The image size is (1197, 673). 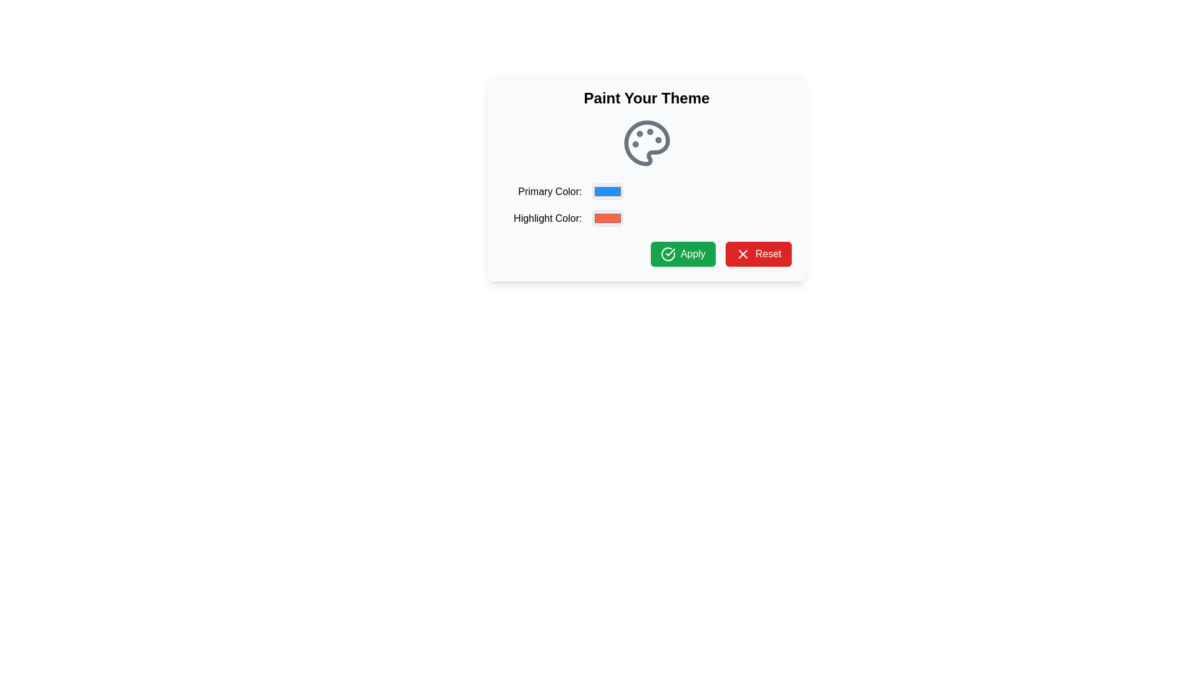 I want to click on the Color picker element used, so click(x=647, y=217).